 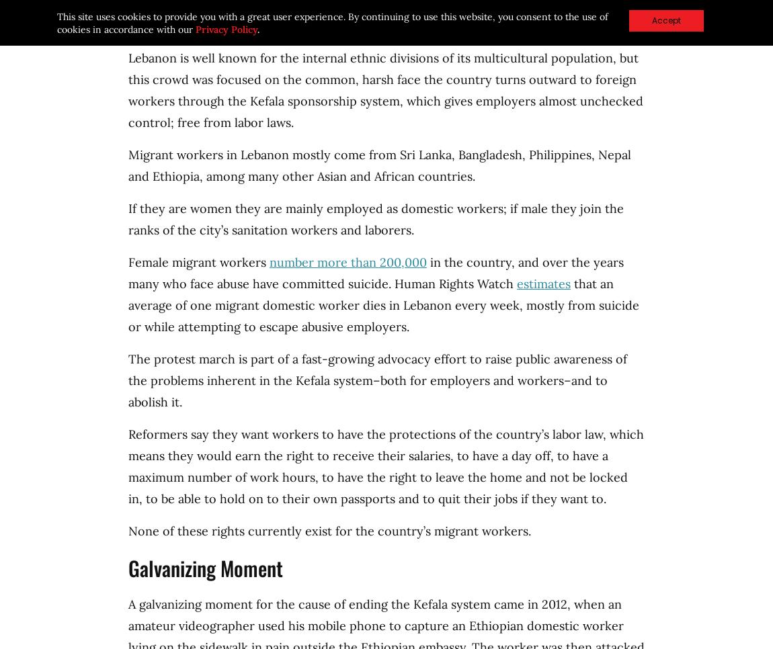 What do you see at coordinates (532, 15) in the screenshot?
I see `'consent'` at bounding box center [532, 15].